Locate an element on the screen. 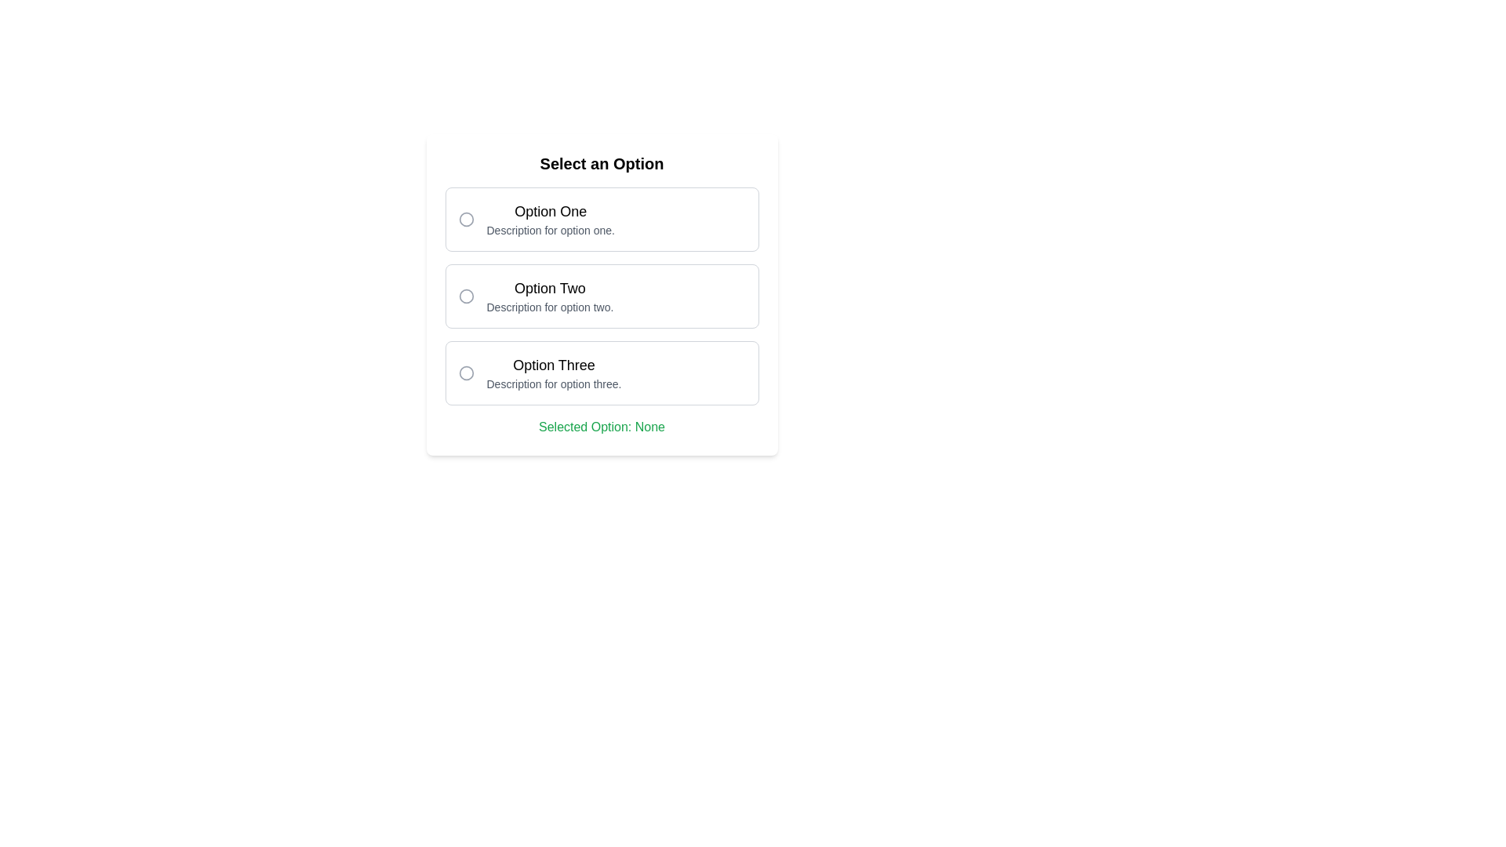 This screenshot has width=1506, height=847. the Text Label that displays the title for the second option labeled 'Option Two' in the list of selectable options is located at coordinates (550, 288).